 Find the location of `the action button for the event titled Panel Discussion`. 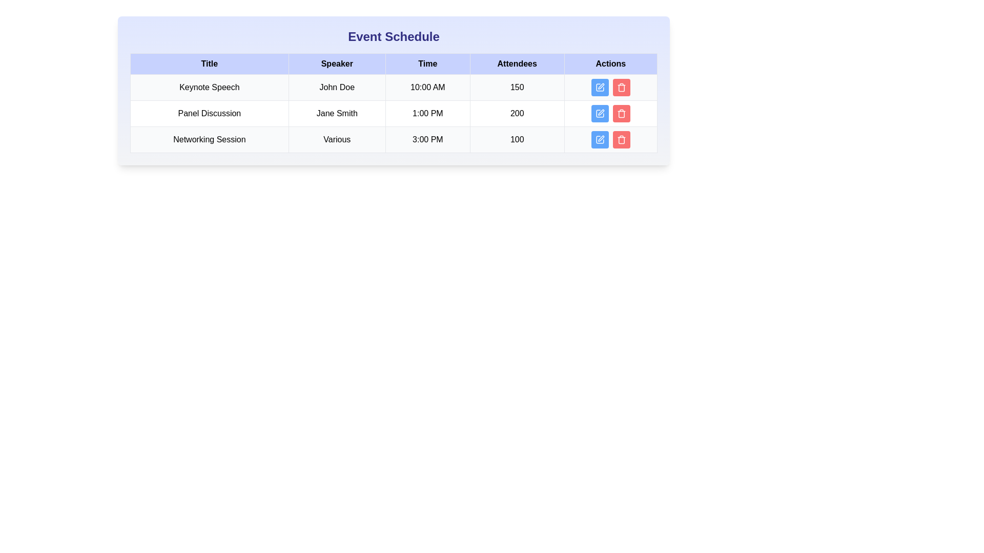

the action button for the event titled Panel Discussion is located at coordinates (600, 114).